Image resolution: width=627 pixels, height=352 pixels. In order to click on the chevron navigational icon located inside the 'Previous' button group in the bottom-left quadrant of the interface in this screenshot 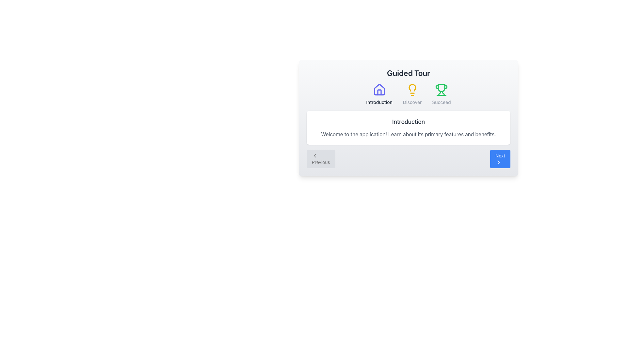, I will do `click(315, 156)`.